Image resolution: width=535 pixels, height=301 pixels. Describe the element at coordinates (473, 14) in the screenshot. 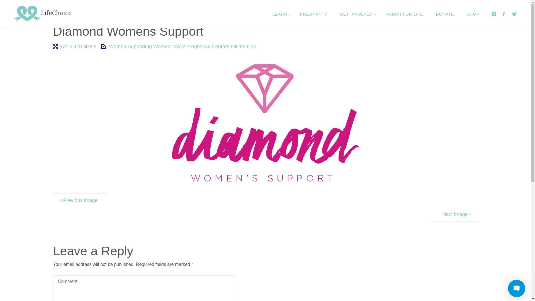

I see `'SHOP'` at that location.